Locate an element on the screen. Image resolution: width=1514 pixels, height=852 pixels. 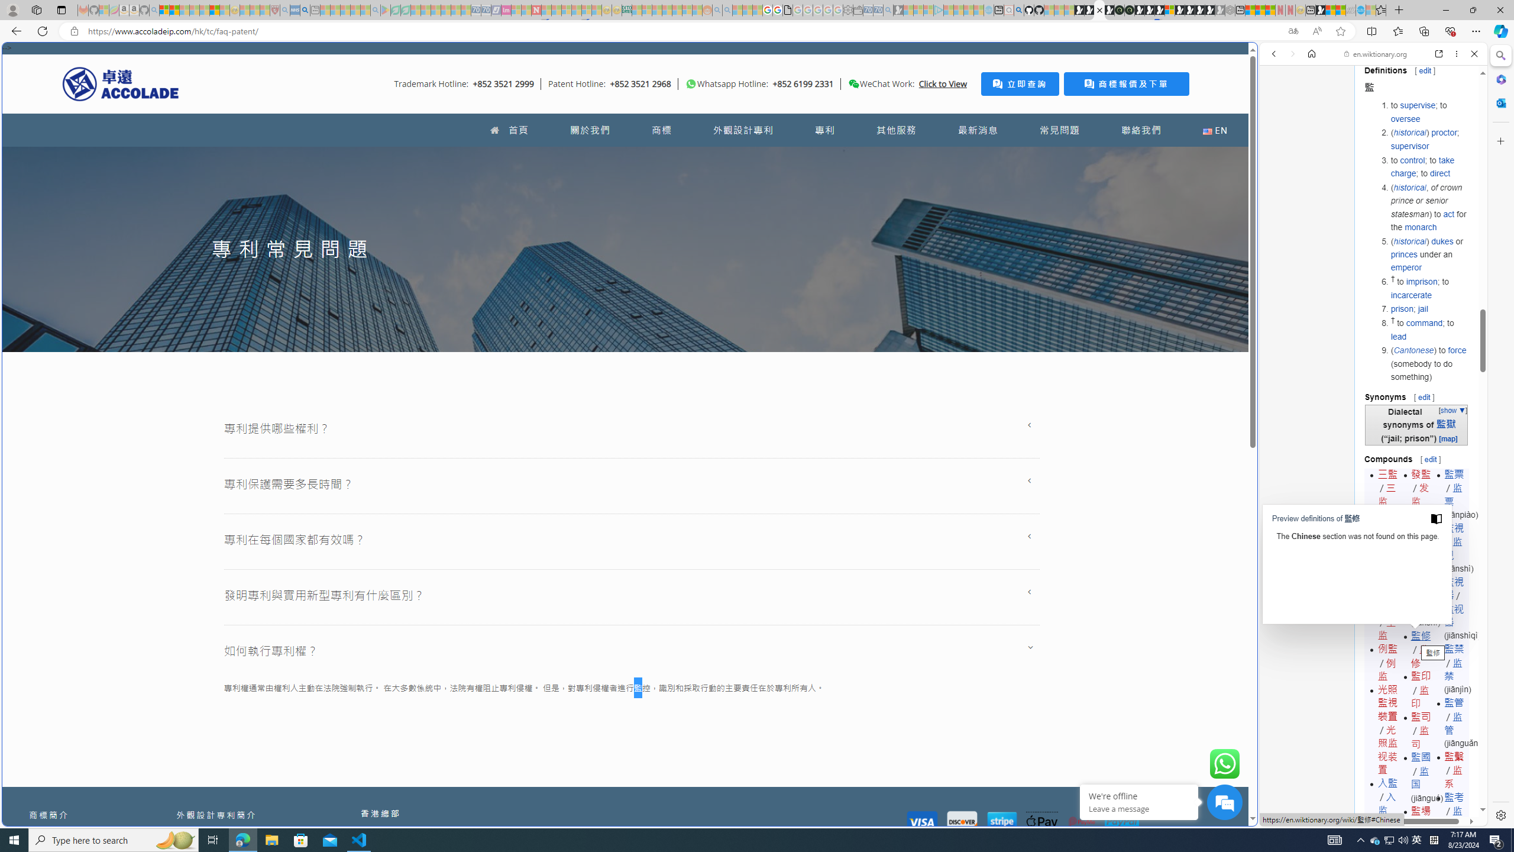
'Class: b_serphb' is located at coordinates (1461, 135).